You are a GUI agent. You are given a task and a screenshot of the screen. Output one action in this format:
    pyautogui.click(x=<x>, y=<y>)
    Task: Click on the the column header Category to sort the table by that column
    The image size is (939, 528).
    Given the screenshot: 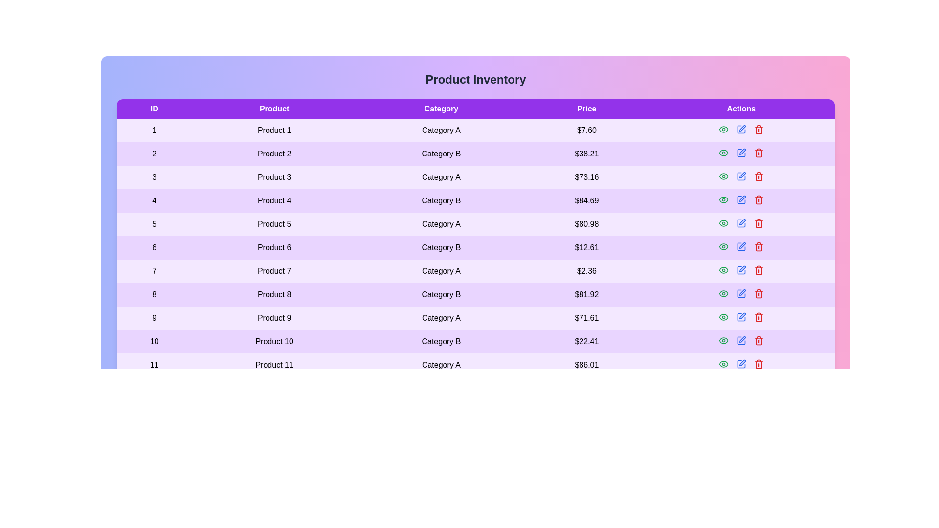 What is the action you would take?
    pyautogui.click(x=441, y=109)
    